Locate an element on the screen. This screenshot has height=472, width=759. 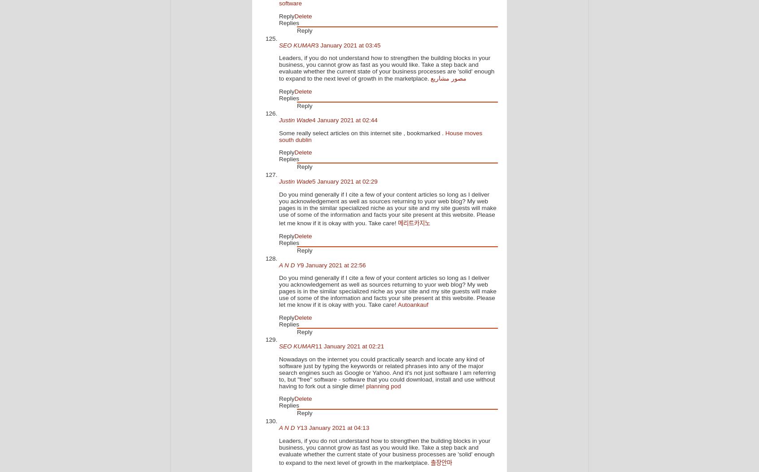
'3 January 2021 at 03:45' is located at coordinates (347, 44).